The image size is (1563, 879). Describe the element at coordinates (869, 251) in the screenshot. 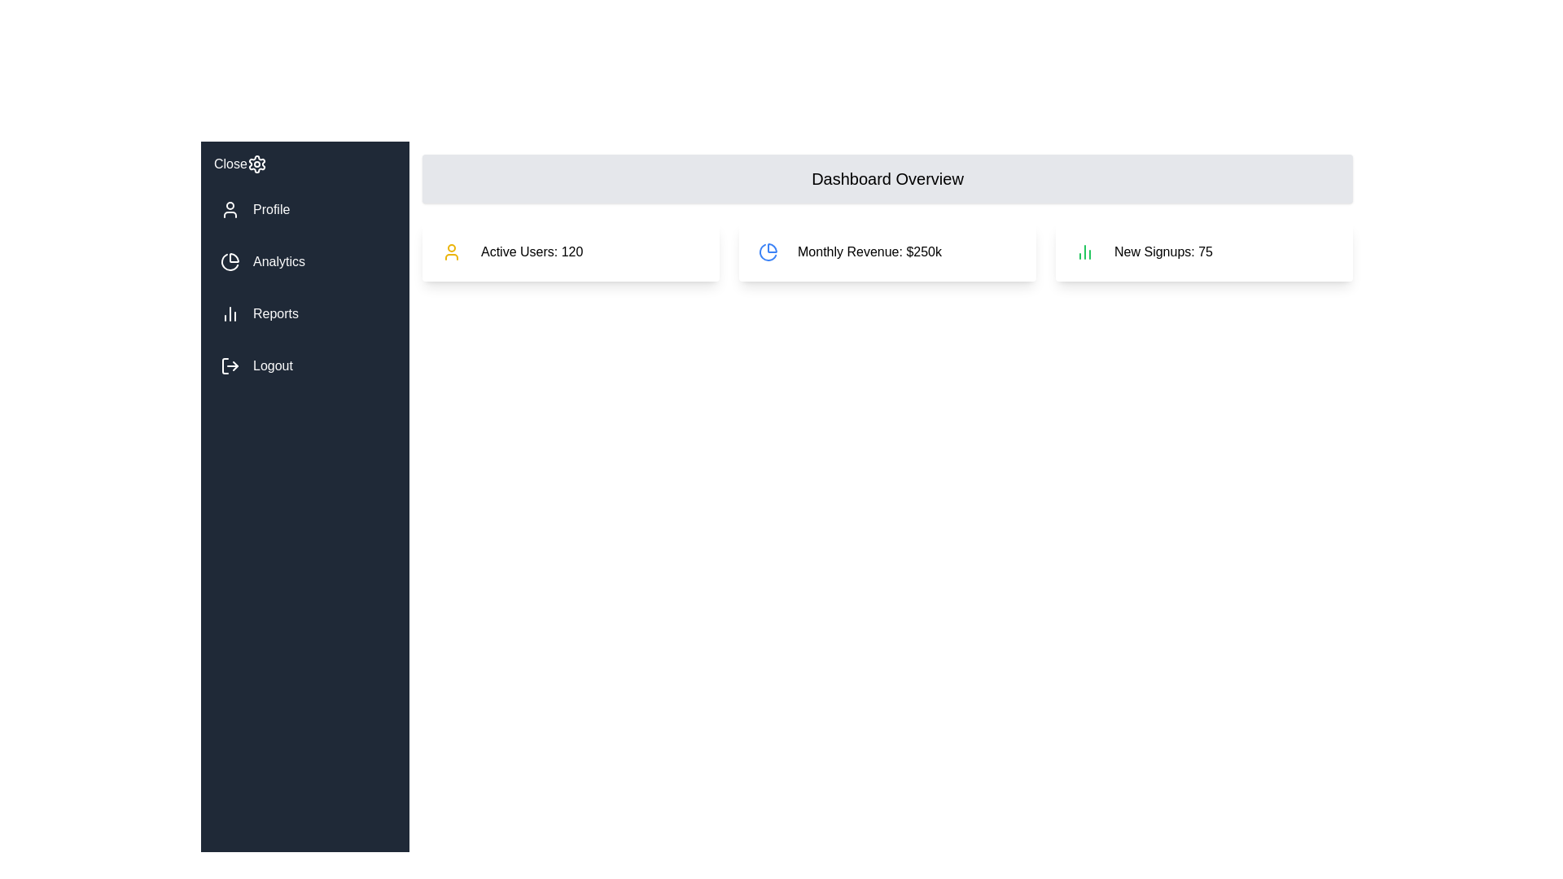

I see `text displayed in the center text label showing the monthly revenue, located in the dashboard overview layout` at that location.